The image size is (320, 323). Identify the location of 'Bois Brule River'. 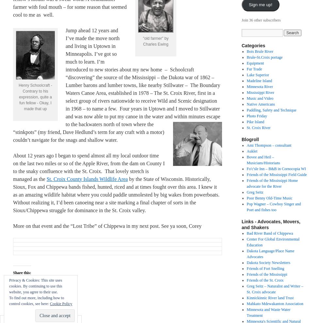
(260, 51).